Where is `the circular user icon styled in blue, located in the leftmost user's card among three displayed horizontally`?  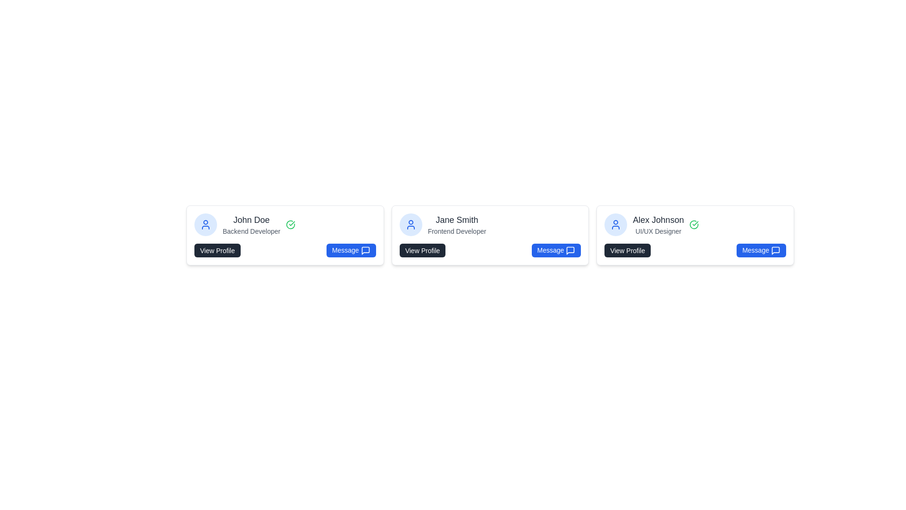
the circular user icon styled in blue, located in the leftmost user's card among three displayed horizontally is located at coordinates (205, 224).